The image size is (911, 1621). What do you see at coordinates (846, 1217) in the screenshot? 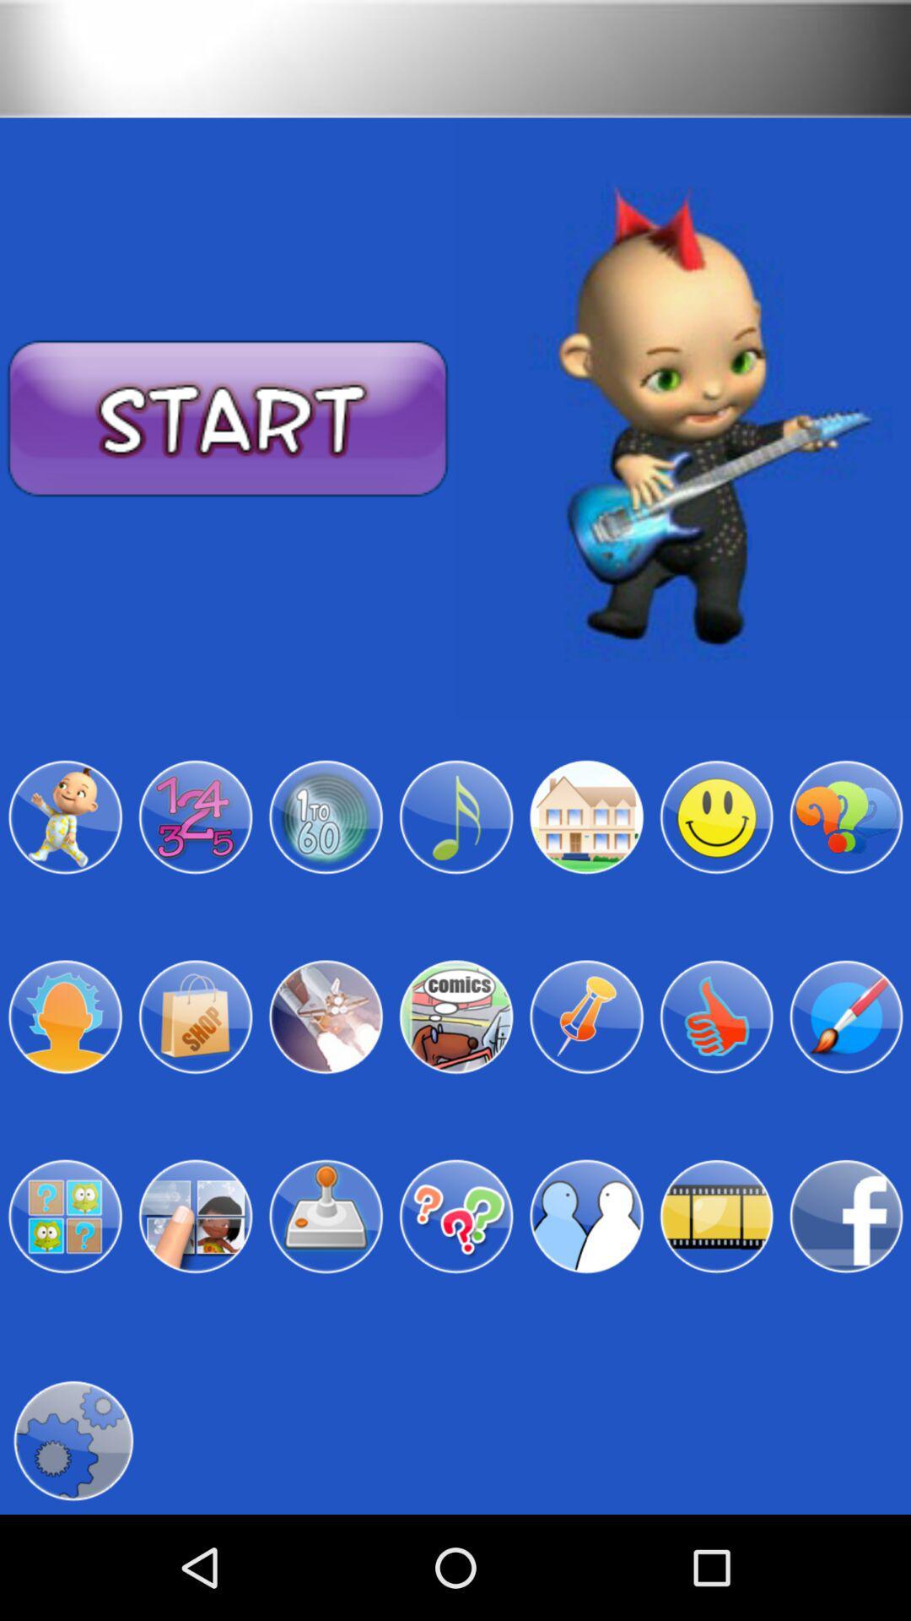
I see `connect to facebook` at bounding box center [846, 1217].